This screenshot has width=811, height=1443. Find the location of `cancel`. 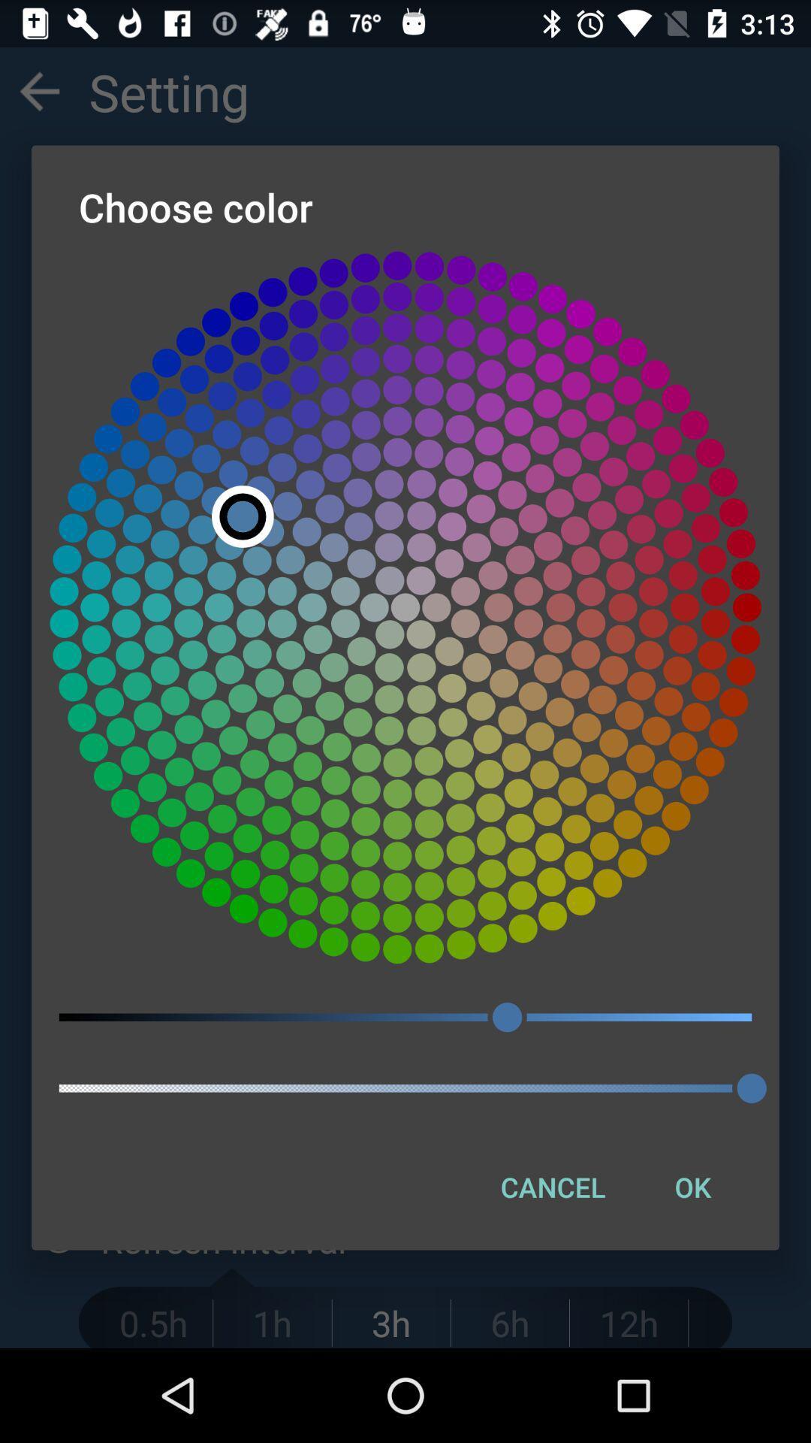

cancel is located at coordinates (553, 1186).